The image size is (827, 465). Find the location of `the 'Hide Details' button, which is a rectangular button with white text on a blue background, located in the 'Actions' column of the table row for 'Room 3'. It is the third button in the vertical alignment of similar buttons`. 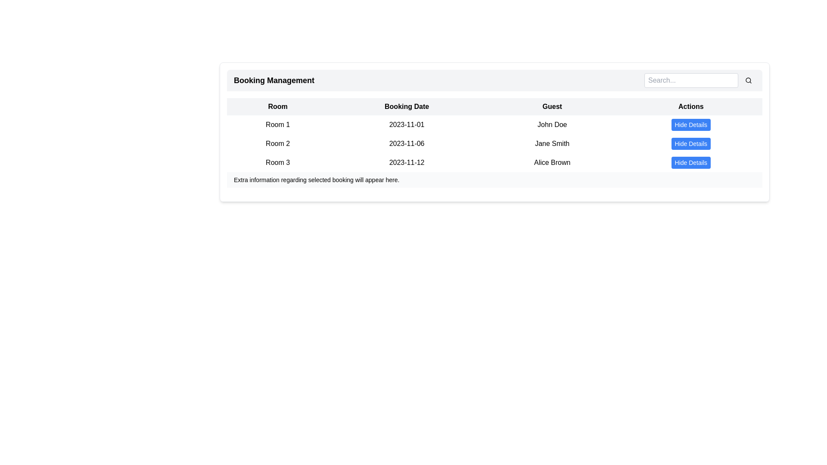

the 'Hide Details' button, which is a rectangular button with white text on a blue background, located in the 'Actions' column of the table row for 'Room 3'. It is the third button in the vertical alignment of similar buttons is located at coordinates (691, 163).